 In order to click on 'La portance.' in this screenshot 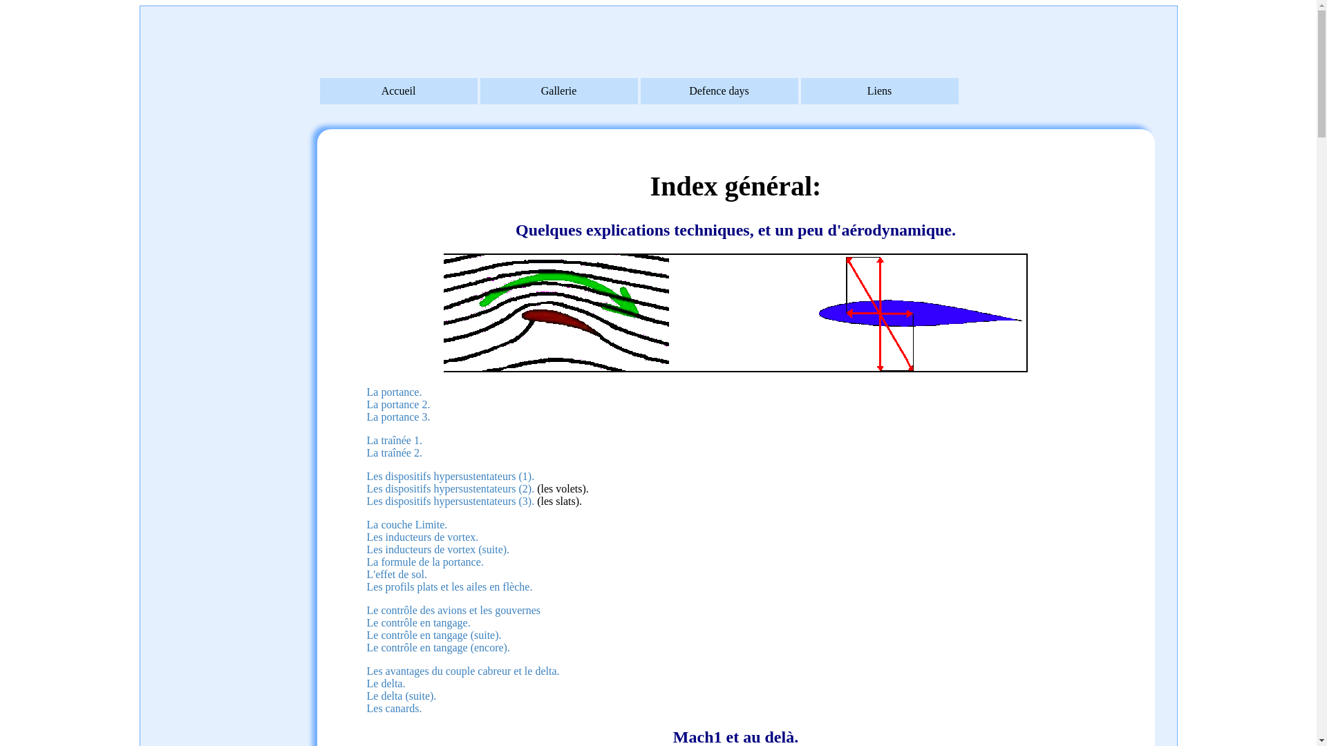, I will do `click(393, 391)`.